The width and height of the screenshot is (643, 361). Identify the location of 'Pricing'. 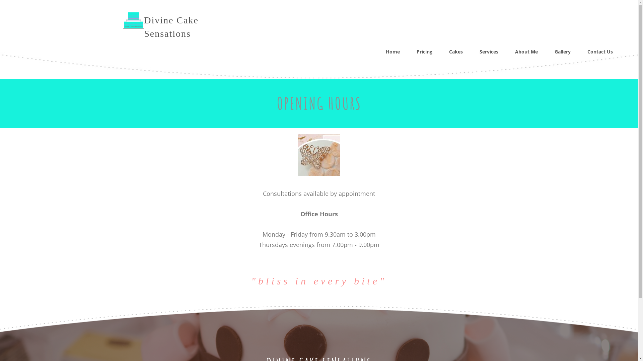
(416, 51).